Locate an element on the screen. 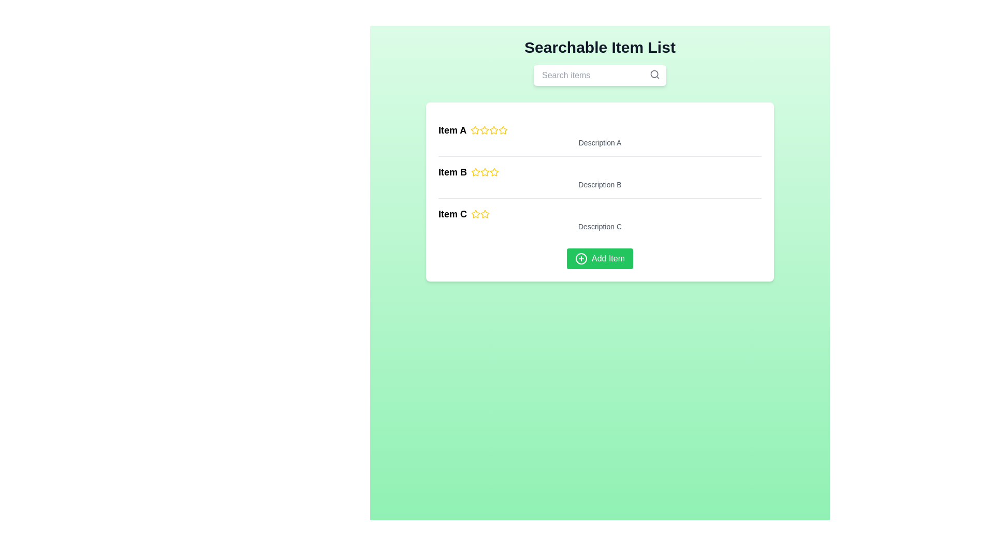 The height and width of the screenshot is (559, 994). the search icon represented by a magnifying glass located at the top-right corner of the search input field is located at coordinates (654, 73).